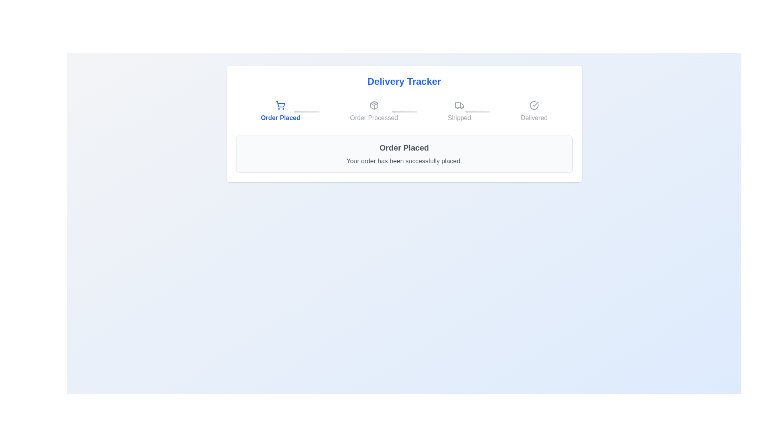 The image size is (762, 428). What do you see at coordinates (459, 111) in the screenshot?
I see `the step icon corresponding to Shipped to navigate to that step` at bounding box center [459, 111].